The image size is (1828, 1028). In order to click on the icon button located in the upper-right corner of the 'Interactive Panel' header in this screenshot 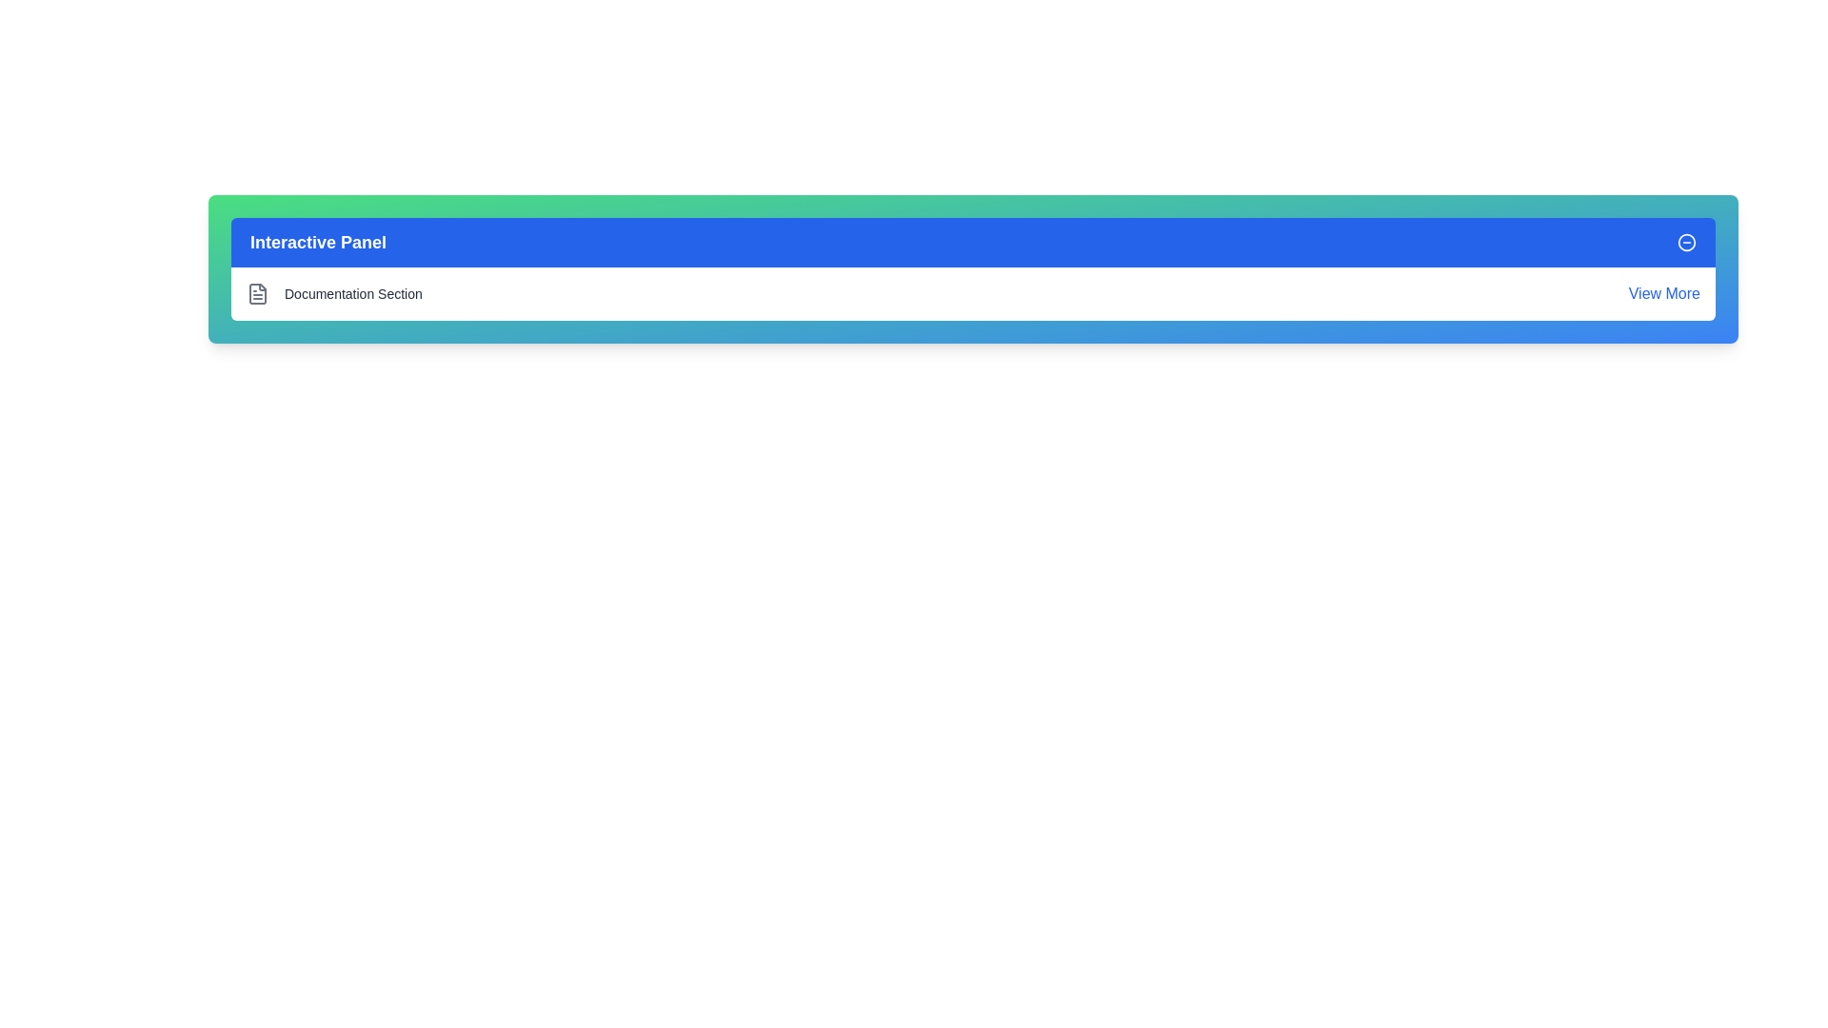, I will do `click(1686, 241)`.